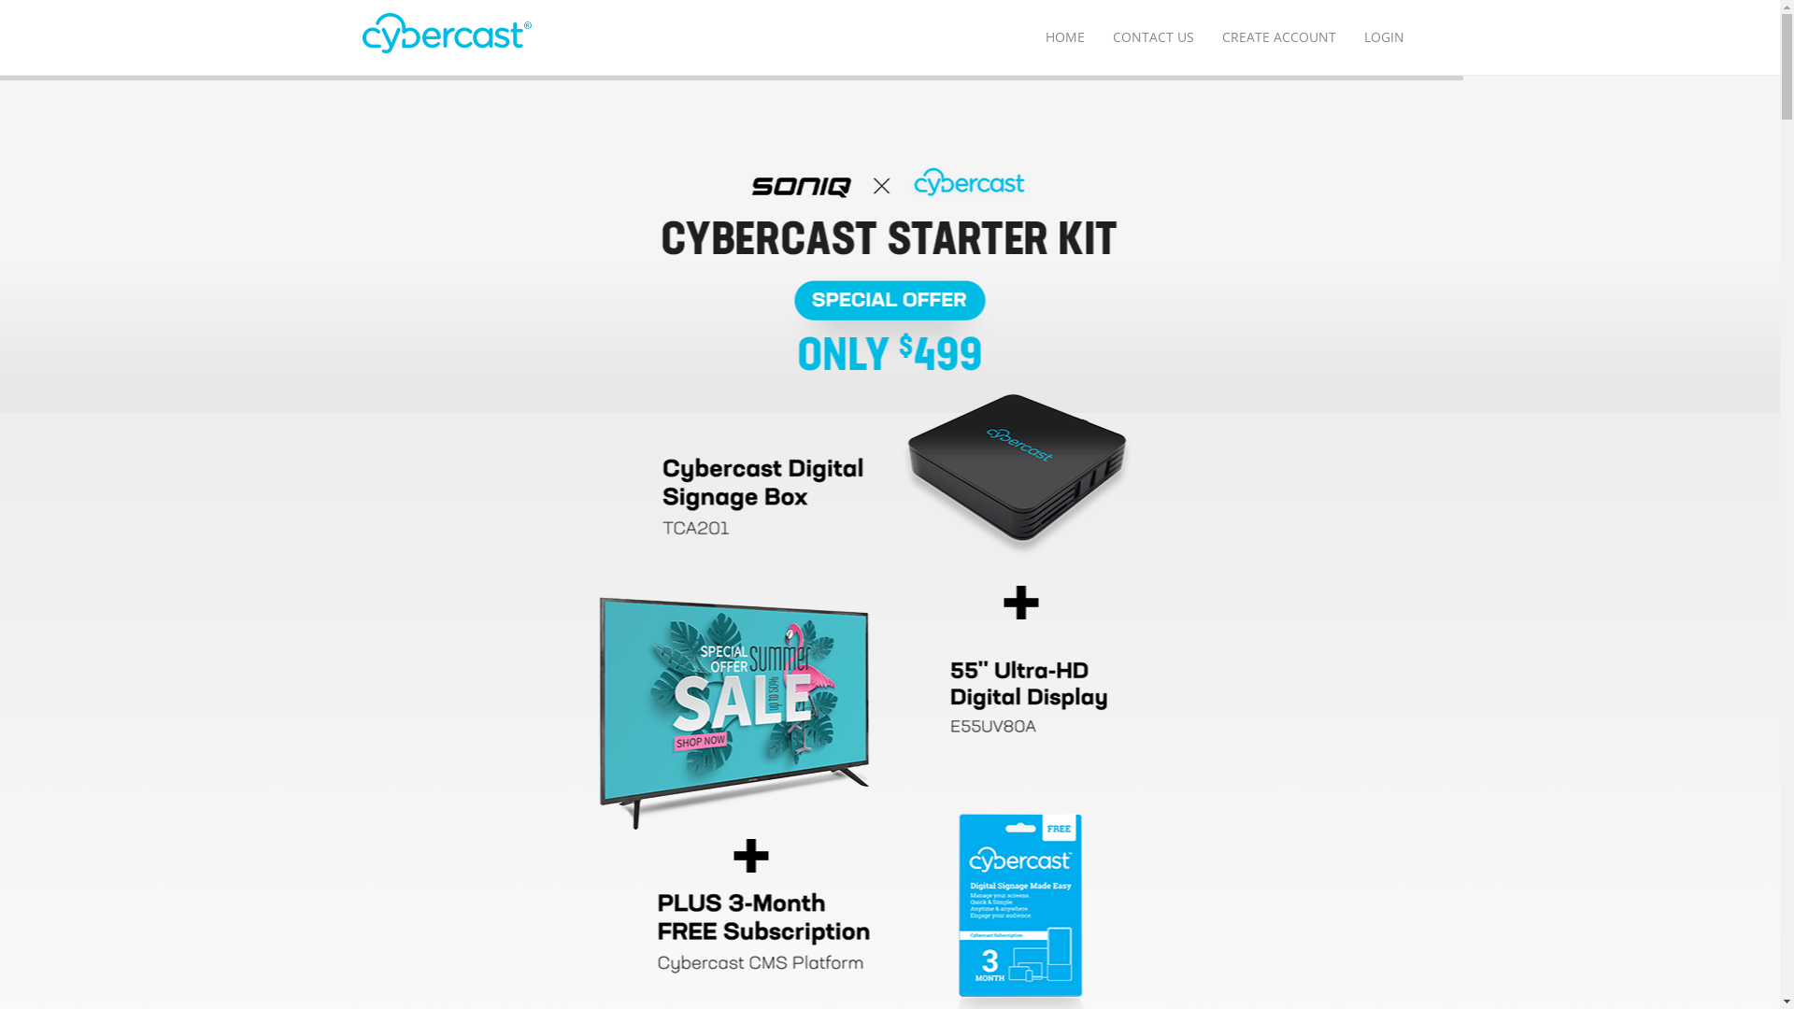 The height and width of the screenshot is (1009, 1794). Describe the element at coordinates (1277, 36) in the screenshot. I see `'CREATE ACCOUNT'` at that location.